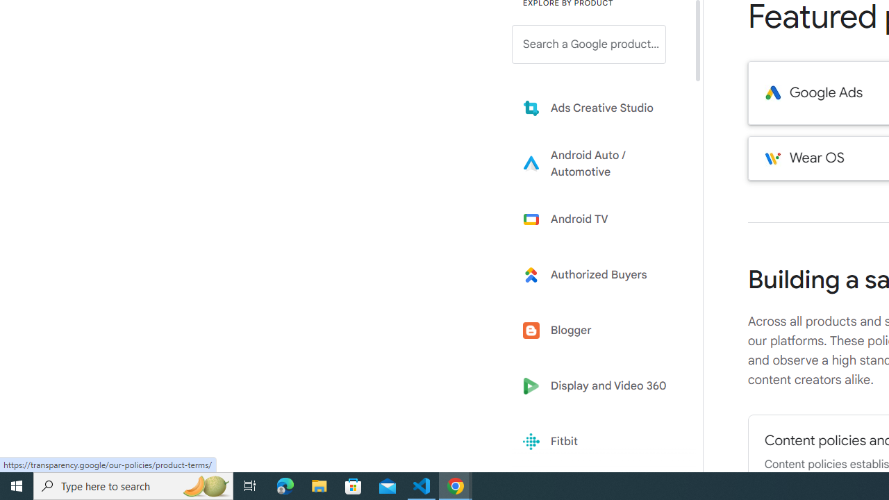  I want to click on 'Learn more about Android Auto', so click(599, 162).